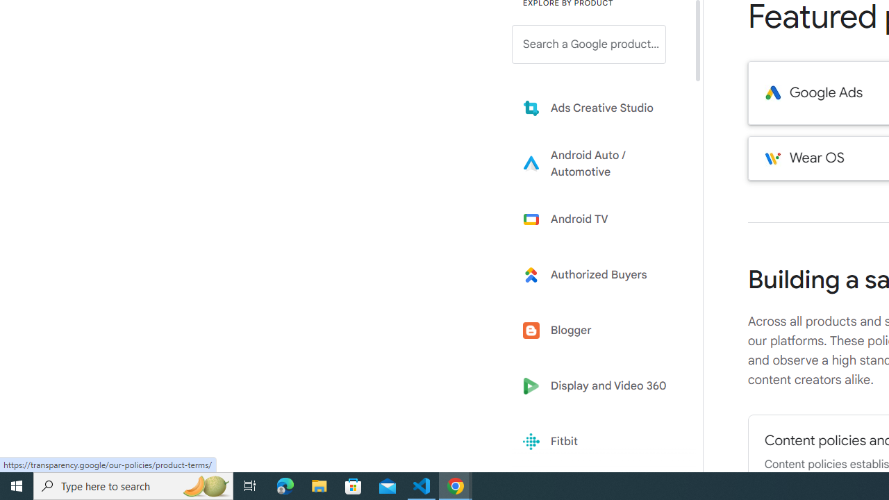  I want to click on 'Learn more about Android Auto', so click(599, 162).